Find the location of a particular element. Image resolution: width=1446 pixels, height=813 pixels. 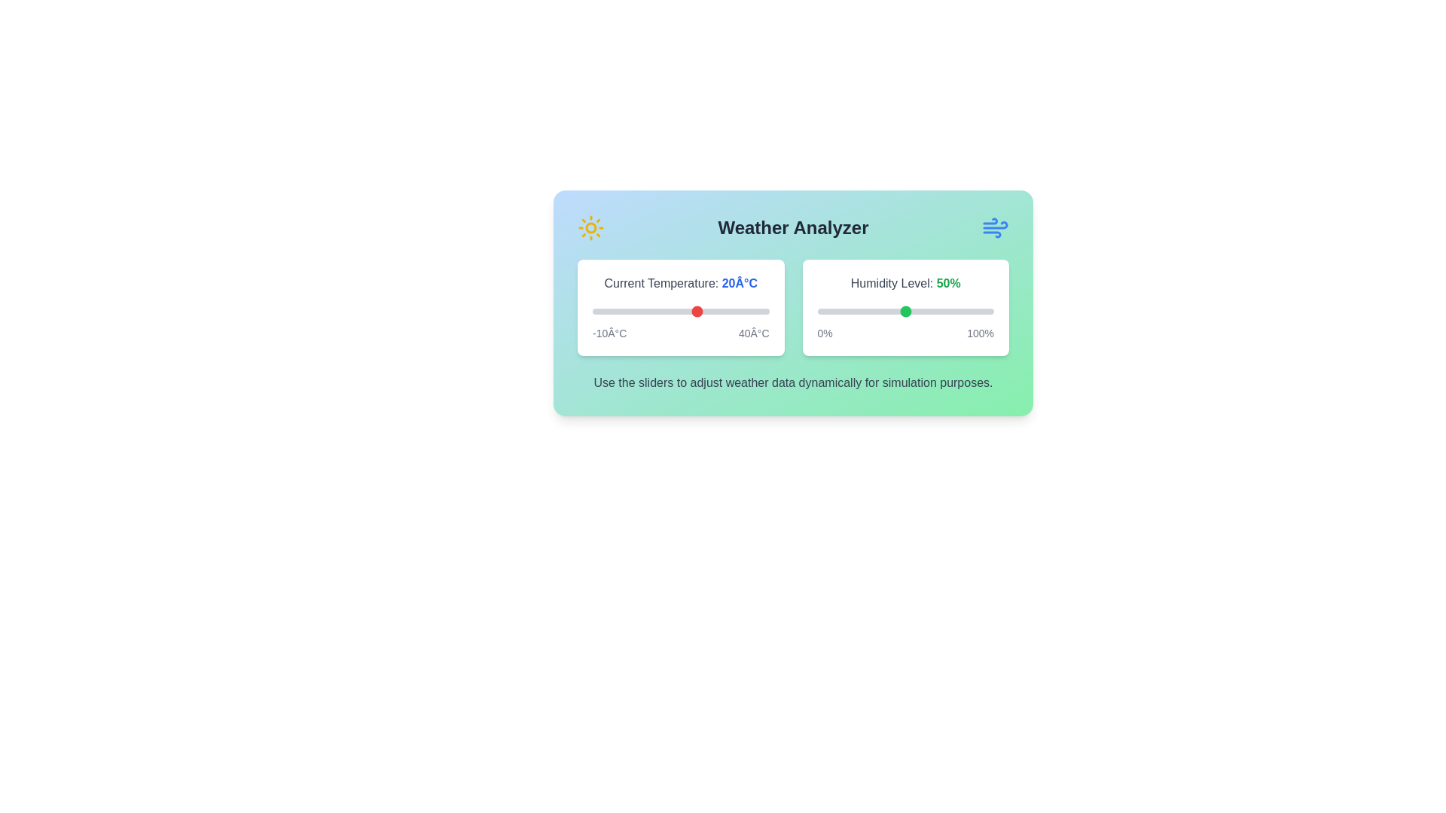

the temperature slider to 1°C is located at coordinates (631, 310).